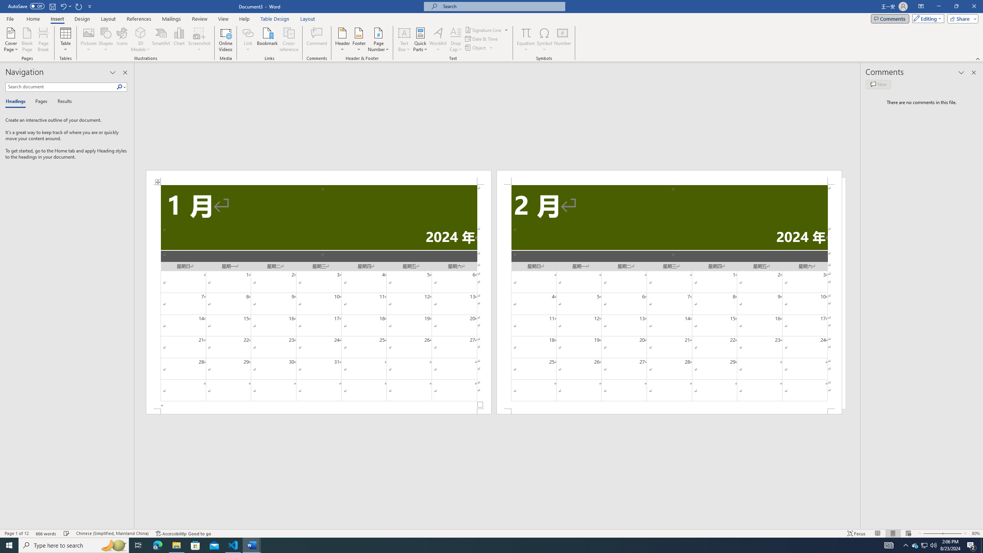 The image size is (983, 553). What do you see at coordinates (950, 533) in the screenshot?
I see `'Zoom In'` at bounding box center [950, 533].